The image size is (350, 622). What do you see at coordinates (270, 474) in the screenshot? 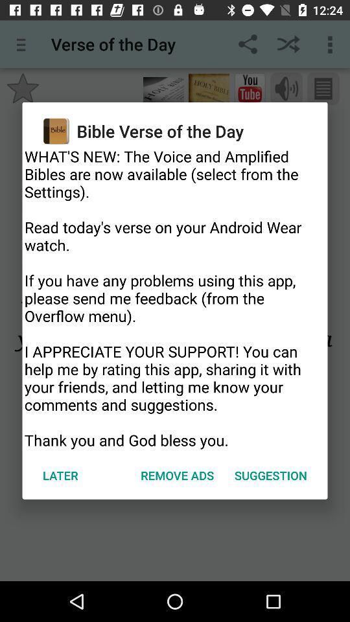
I see `the app below what s new item` at bounding box center [270, 474].